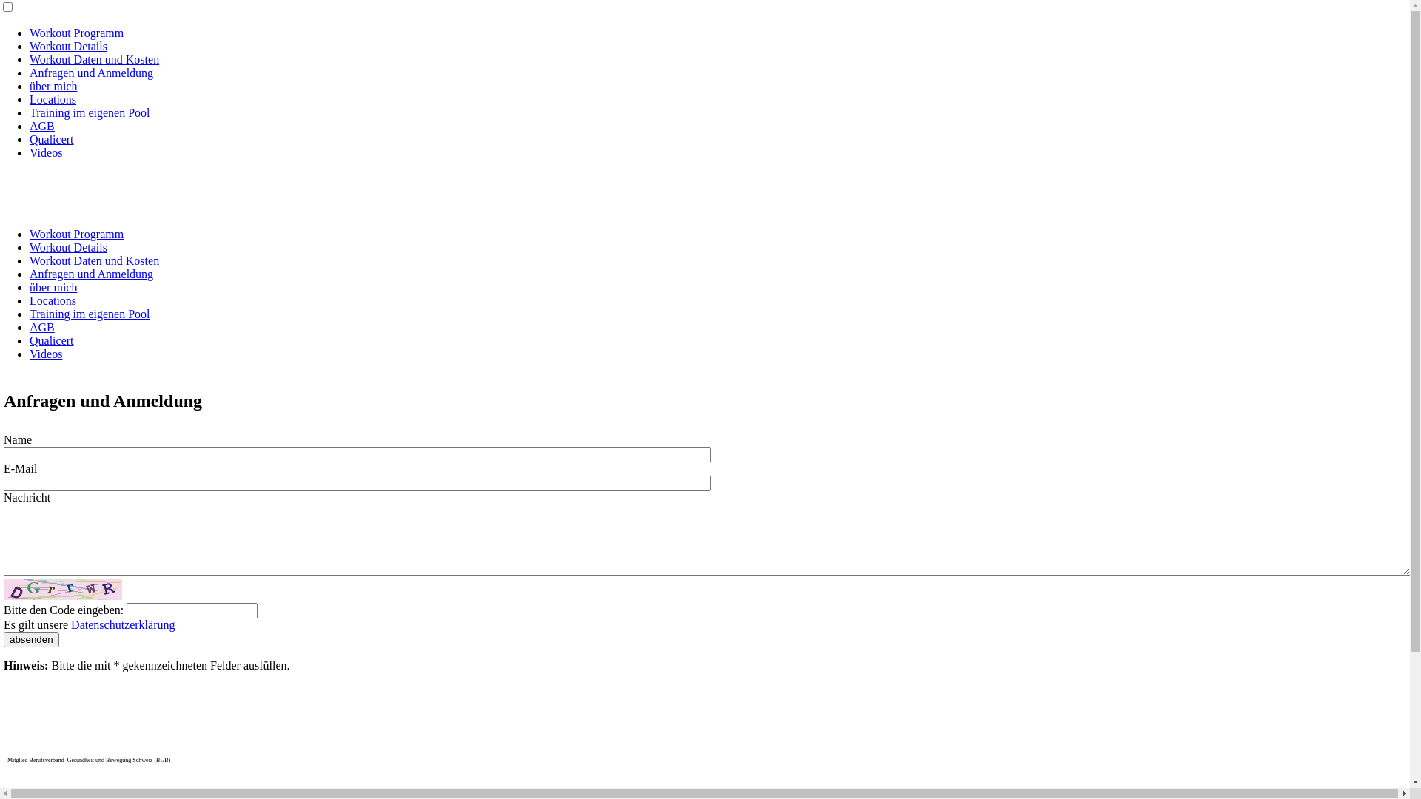  I want to click on 'Videos', so click(46, 152).